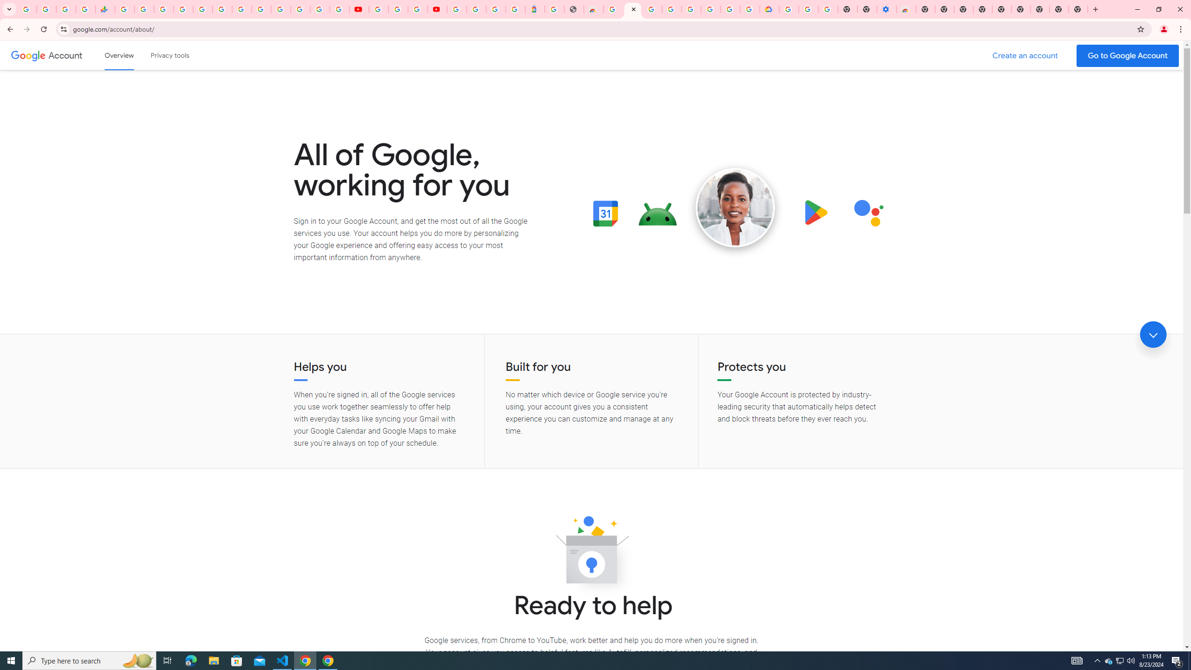 This screenshot has width=1191, height=670. What do you see at coordinates (749, 9) in the screenshot?
I see `'Browse the Google Chrome Community - Google Chrome Community'` at bounding box center [749, 9].